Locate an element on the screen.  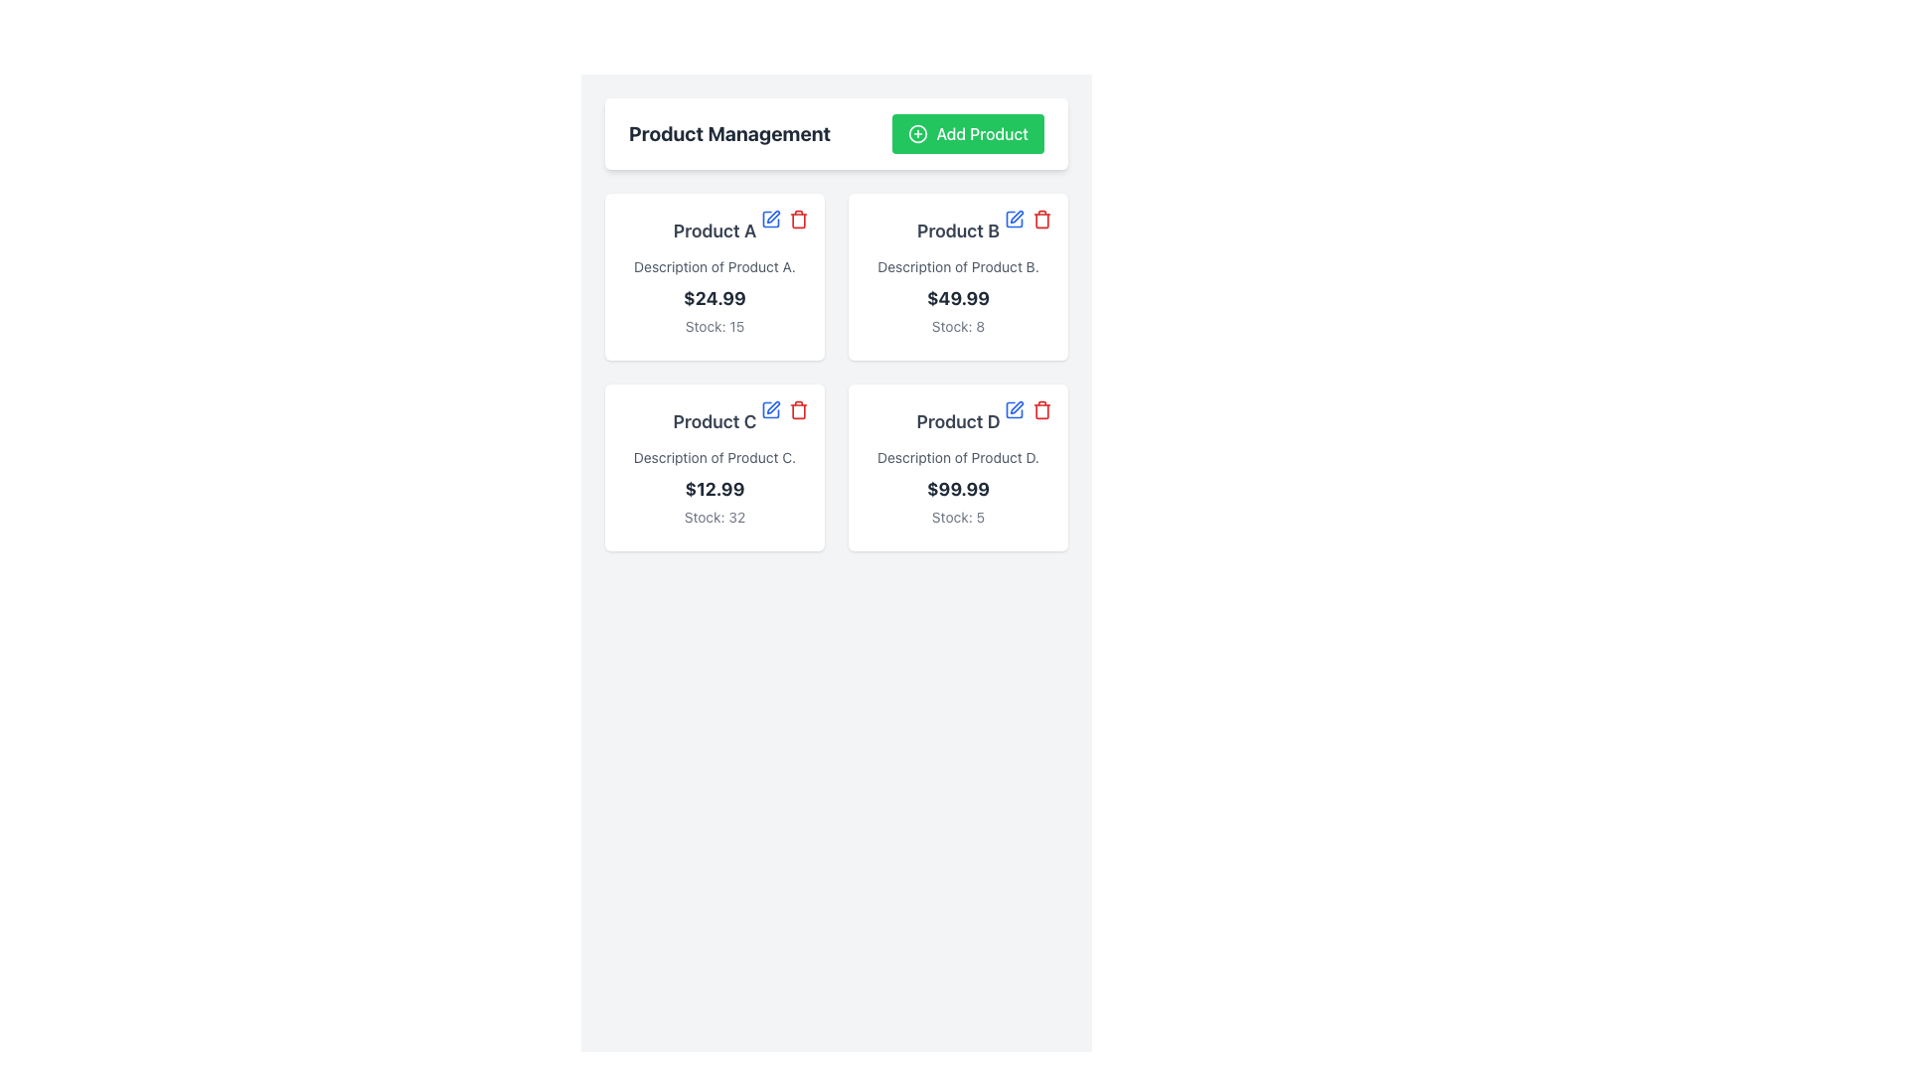
the static text label reading 'Description of Product B' to read it, which is located centrally aligned below the product title and above the price information is located at coordinates (958, 266).